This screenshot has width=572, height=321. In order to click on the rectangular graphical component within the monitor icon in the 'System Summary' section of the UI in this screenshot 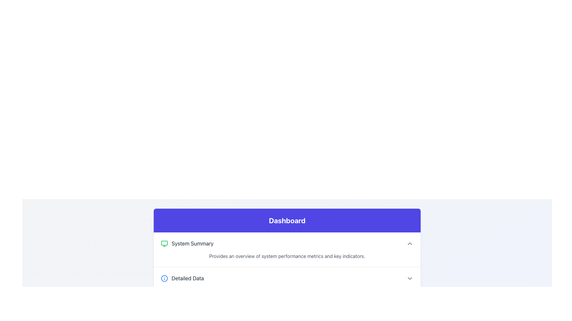, I will do `click(164, 243)`.